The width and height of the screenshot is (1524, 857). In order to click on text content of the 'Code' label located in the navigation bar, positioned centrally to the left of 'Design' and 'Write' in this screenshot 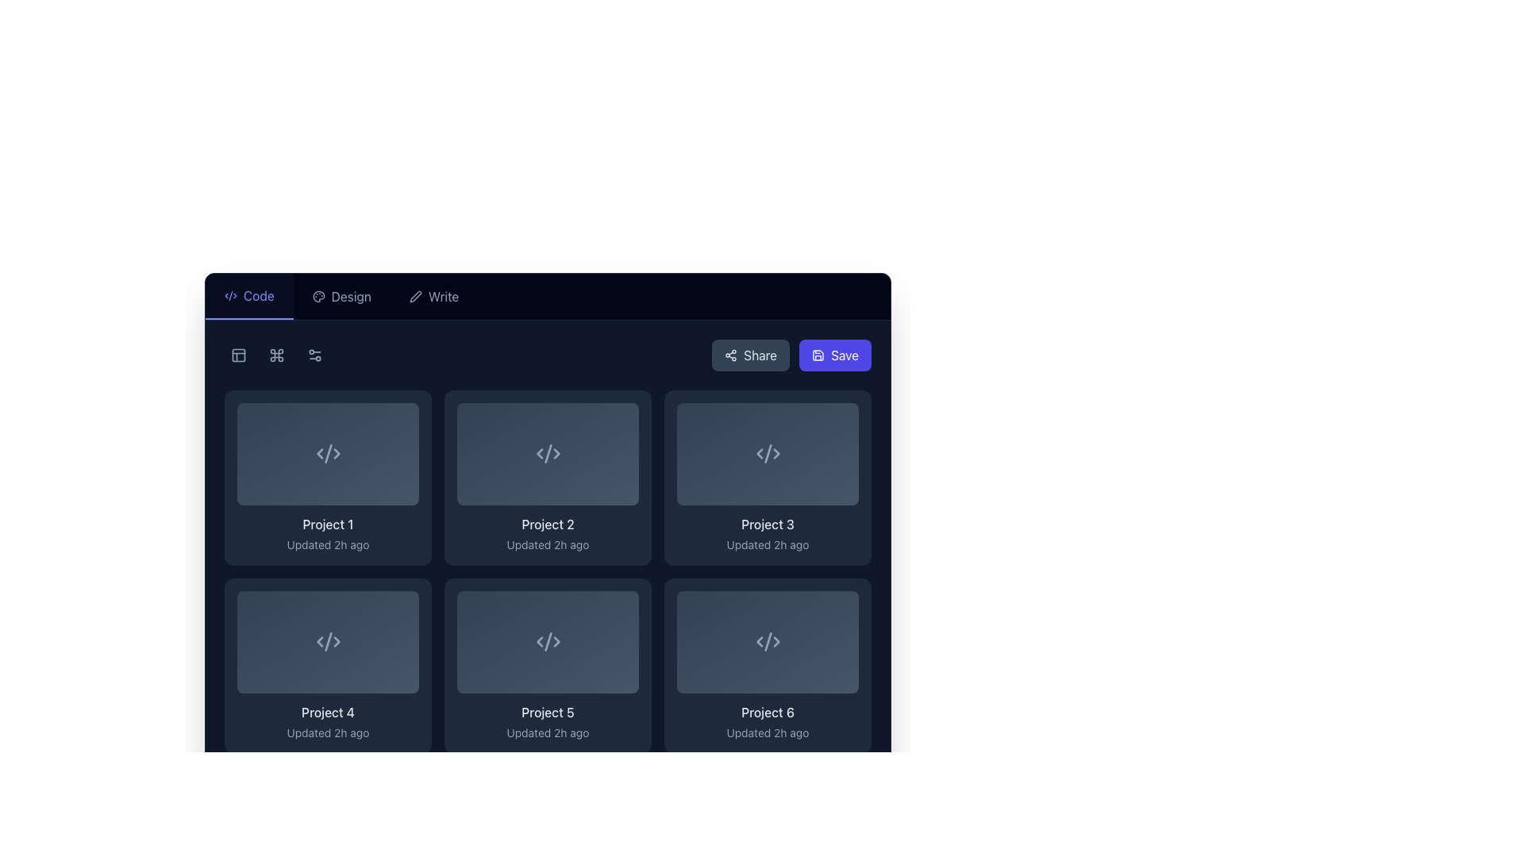, I will do `click(259, 296)`.